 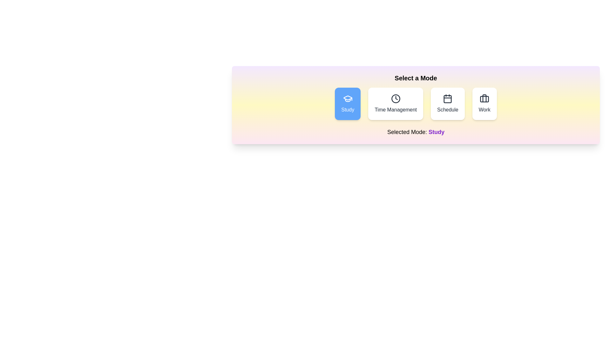 I want to click on the button labeled Schedule to observe its hover effect, so click(x=447, y=104).